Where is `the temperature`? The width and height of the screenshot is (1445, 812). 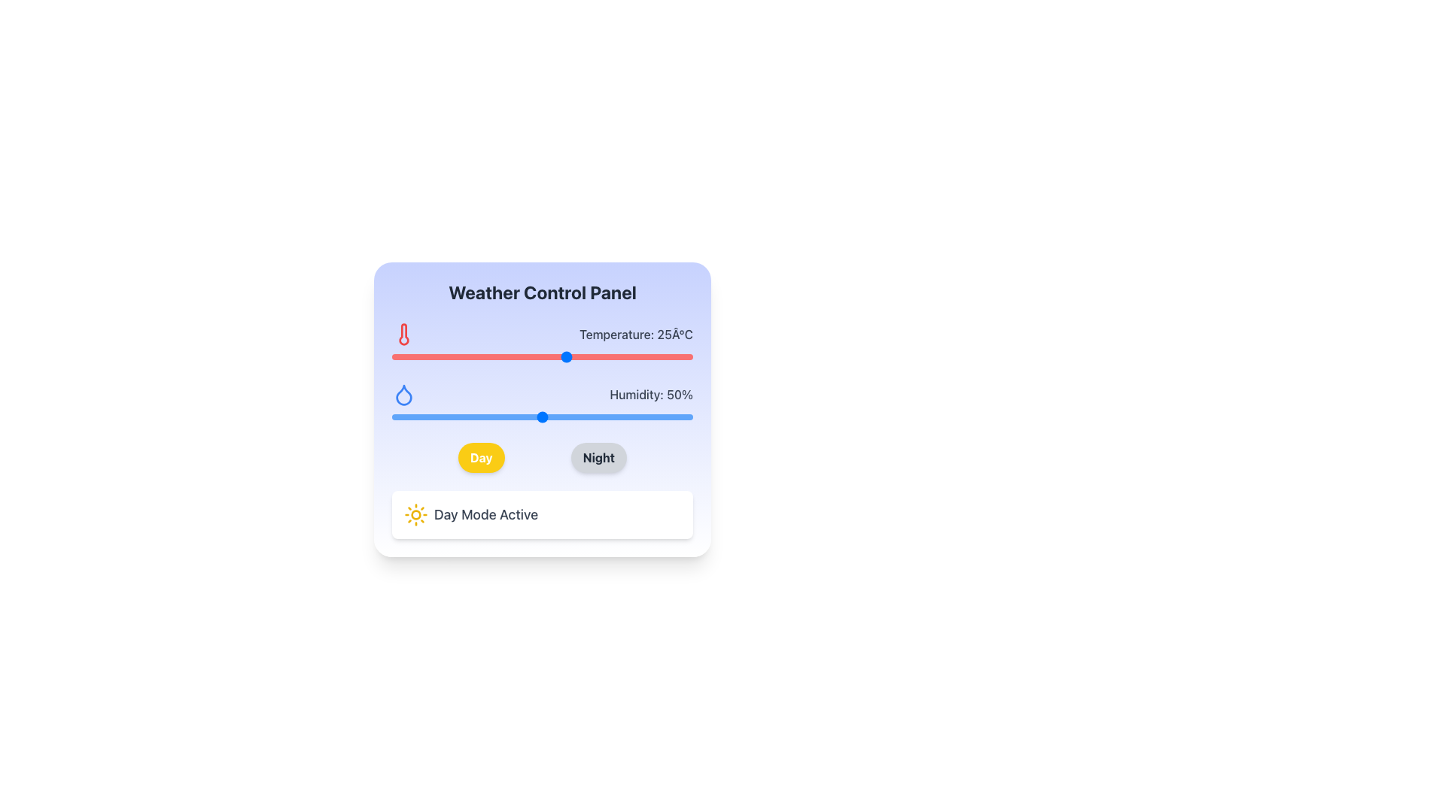
the temperature is located at coordinates (407, 356).